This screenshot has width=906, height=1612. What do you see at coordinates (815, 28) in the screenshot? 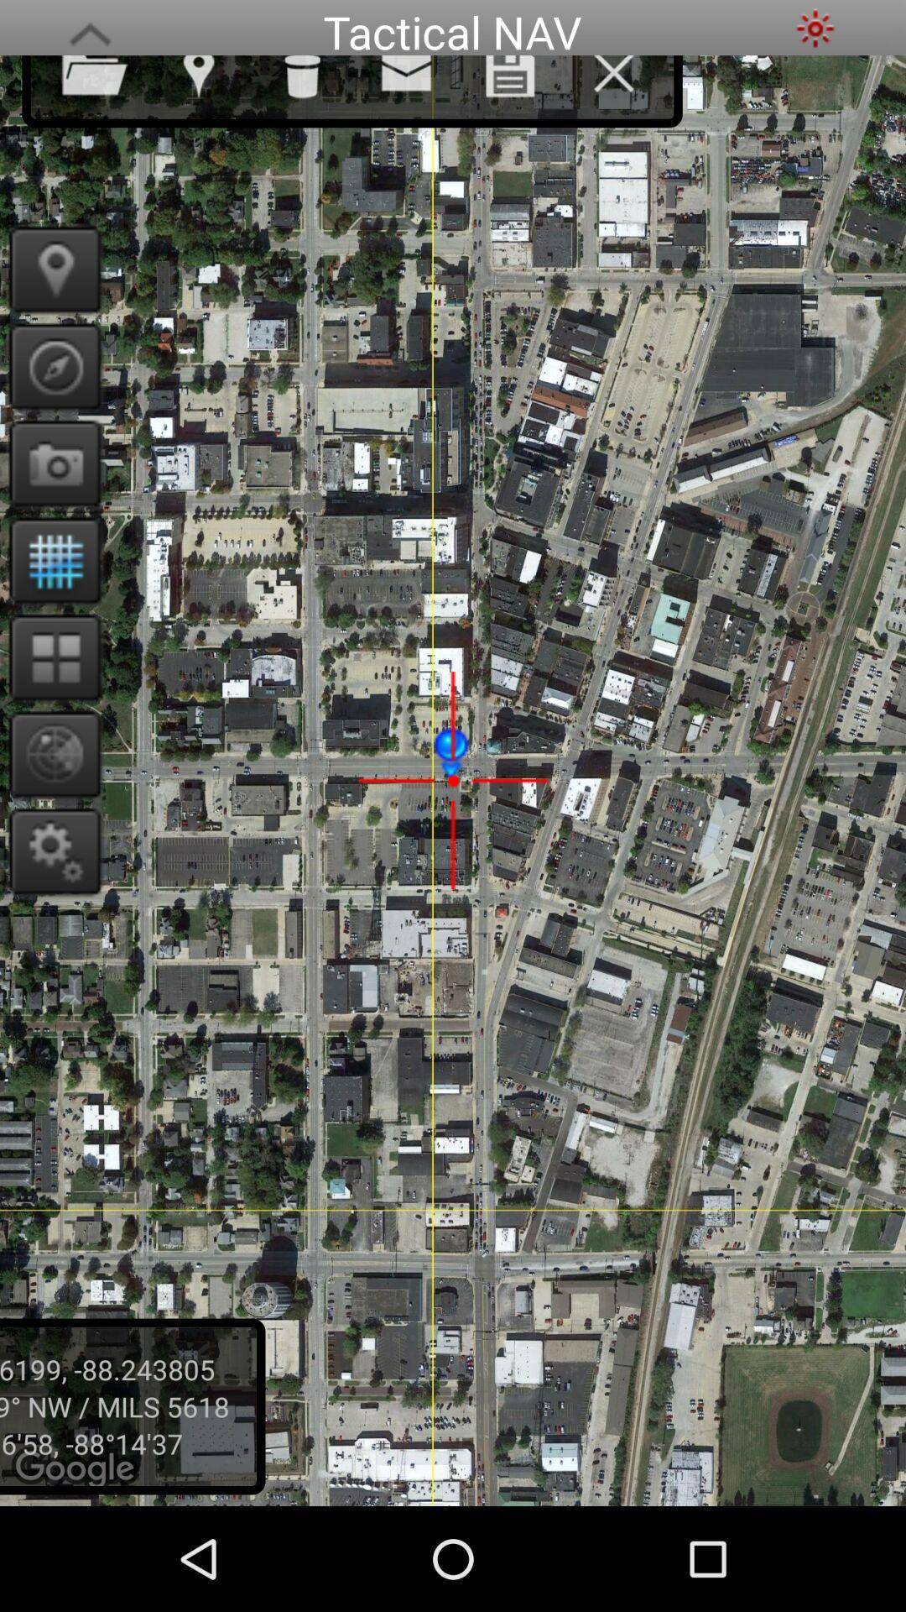
I see `the icon next to tactical nav item` at bounding box center [815, 28].